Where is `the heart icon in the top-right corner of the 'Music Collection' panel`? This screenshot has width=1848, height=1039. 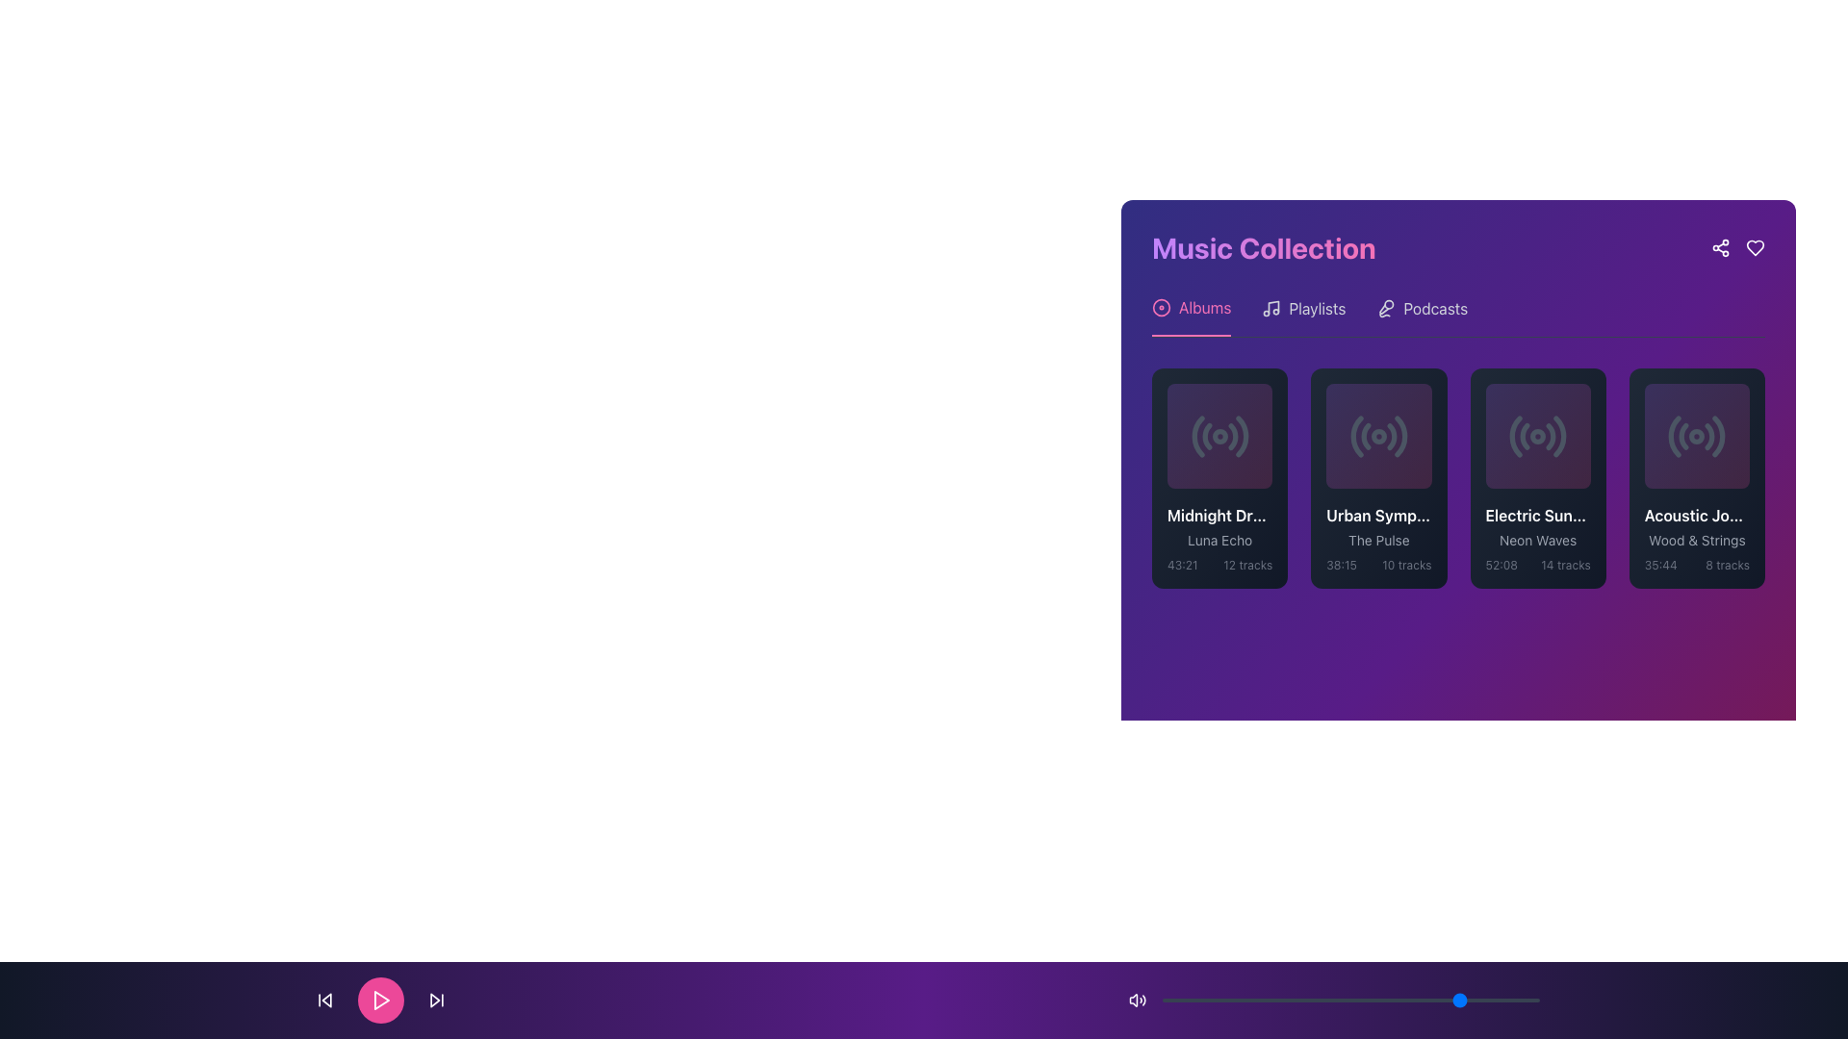 the heart icon in the top-right corner of the 'Music Collection' panel is located at coordinates (1756, 247).